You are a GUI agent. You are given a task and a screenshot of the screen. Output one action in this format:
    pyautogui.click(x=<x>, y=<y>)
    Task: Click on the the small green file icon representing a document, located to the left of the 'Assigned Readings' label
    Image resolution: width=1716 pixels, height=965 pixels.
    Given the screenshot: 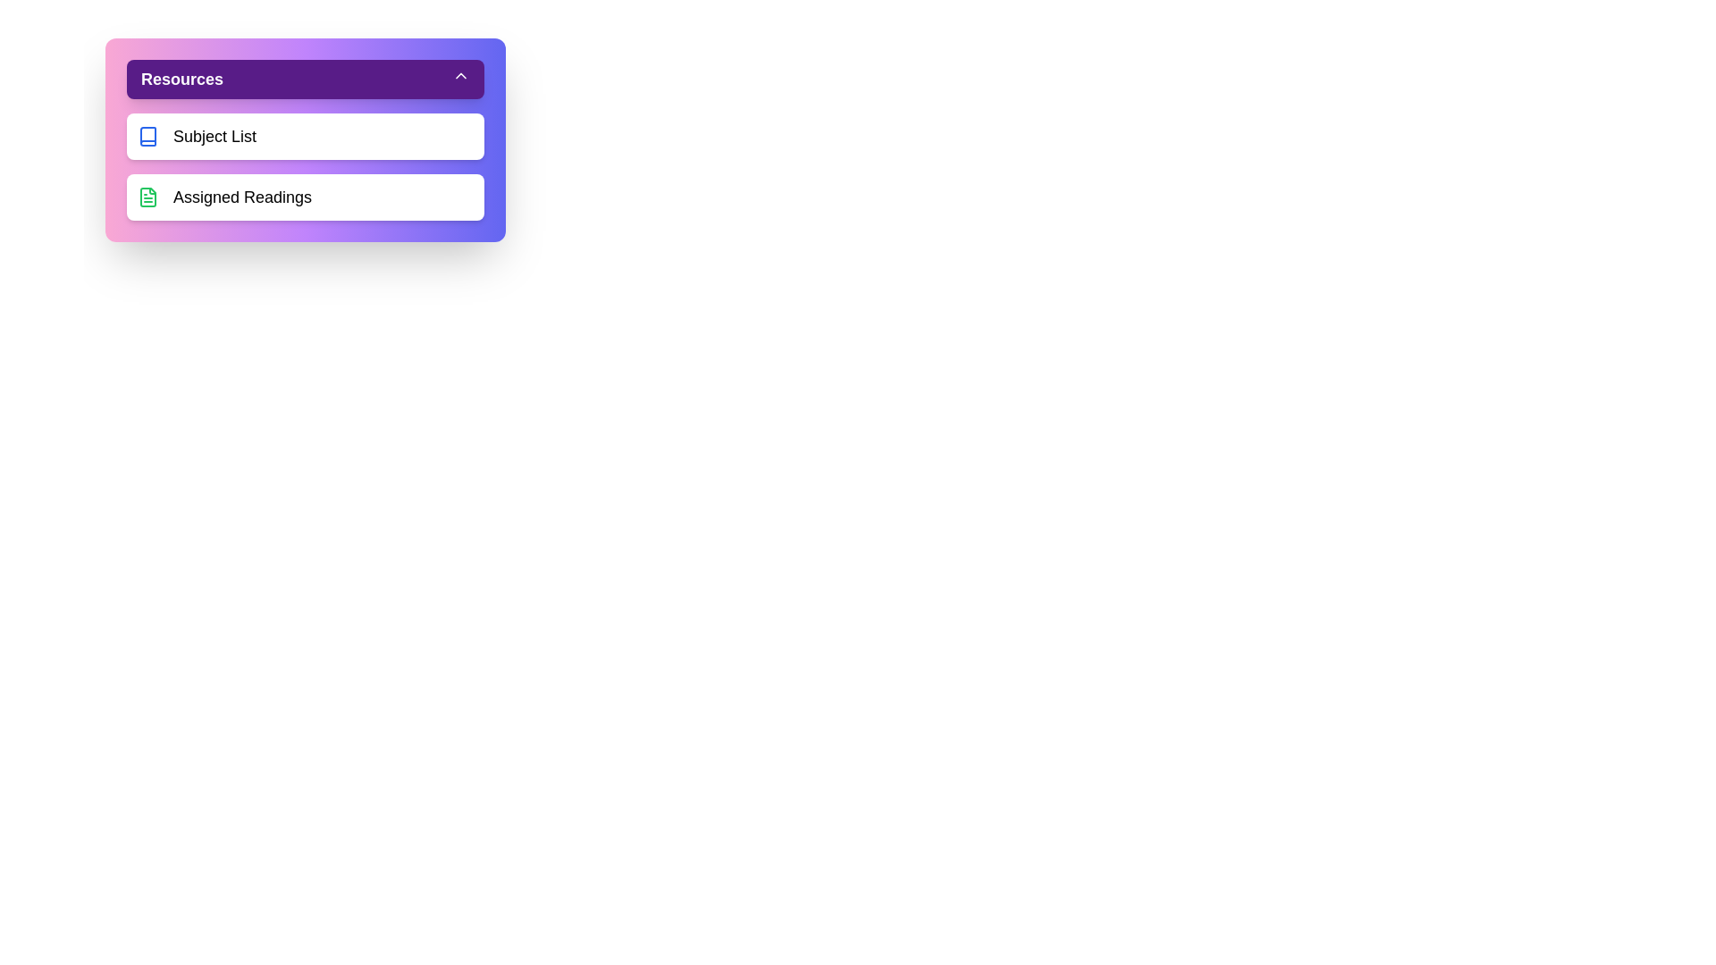 What is the action you would take?
    pyautogui.click(x=148, y=197)
    